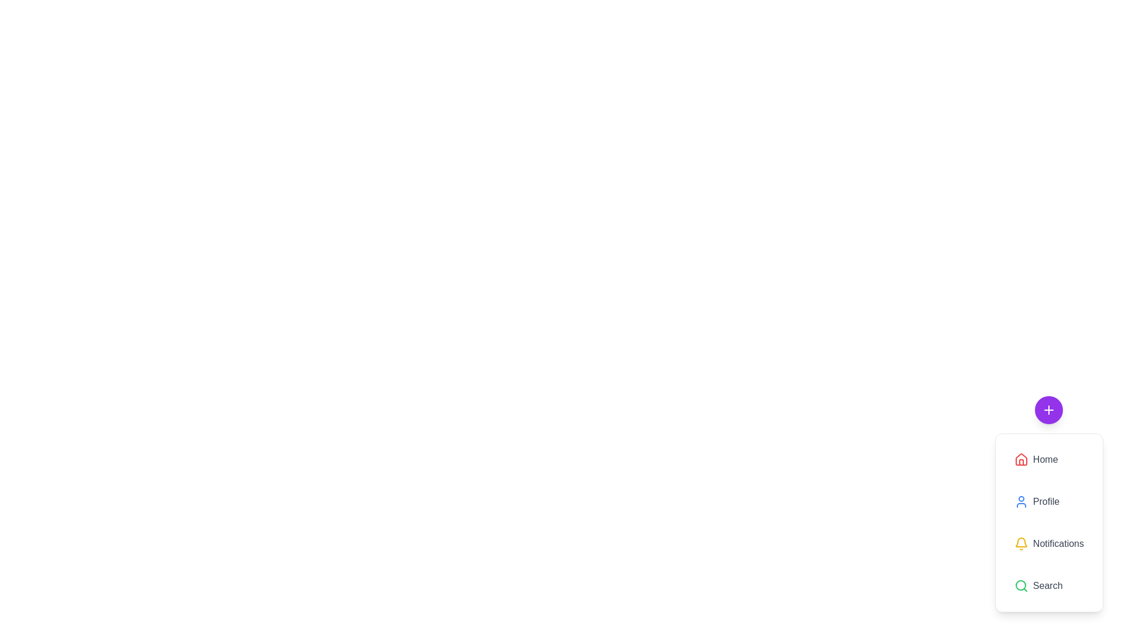  What do you see at coordinates (1049, 501) in the screenshot?
I see `the 'Profile' button` at bounding box center [1049, 501].